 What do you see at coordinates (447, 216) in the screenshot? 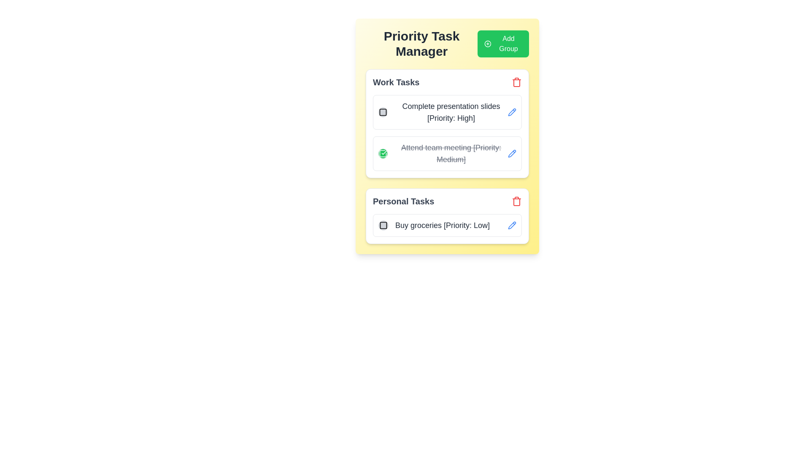
I see `the checkbox within the 'Personal Tasks' card to mark a task as completed` at bounding box center [447, 216].